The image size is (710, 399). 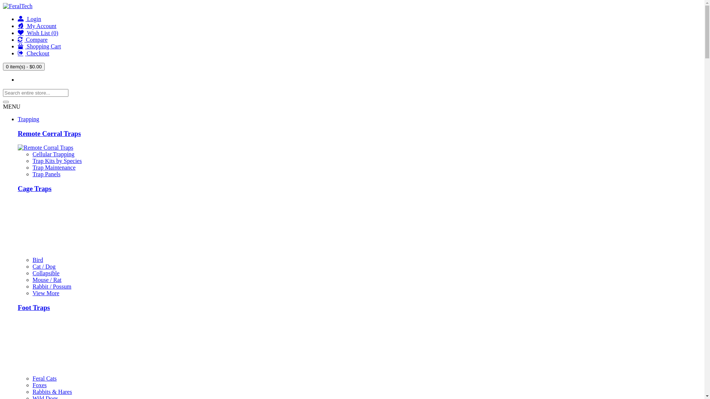 I want to click on '0 item(s) - $0.00', so click(x=24, y=66).